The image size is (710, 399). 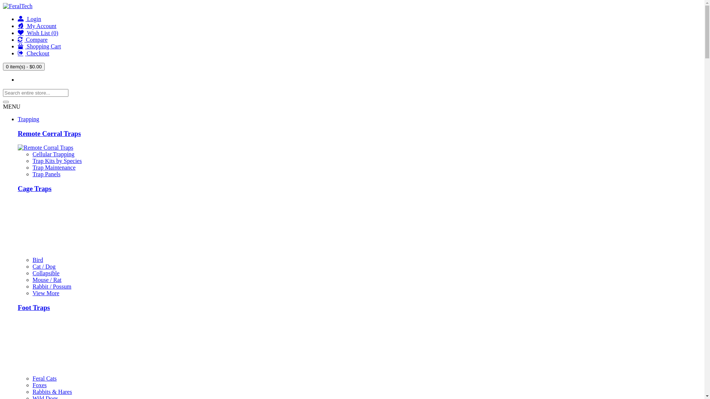 I want to click on '0 item(s) - $0.00', so click(x=24, y=66).